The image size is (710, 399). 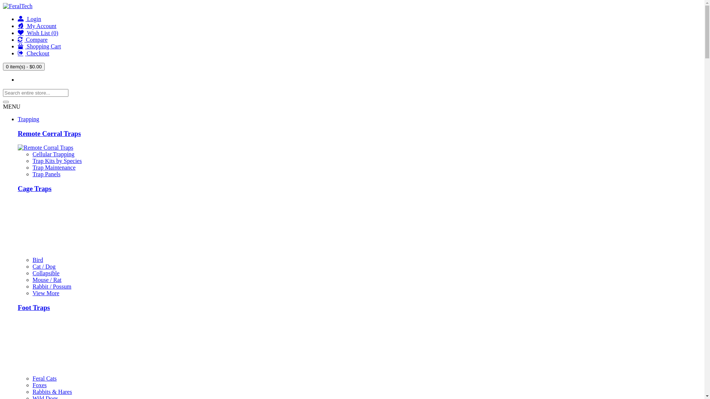 I want to click on '0 item(s) - $0.00', so click(x=24, y=66).